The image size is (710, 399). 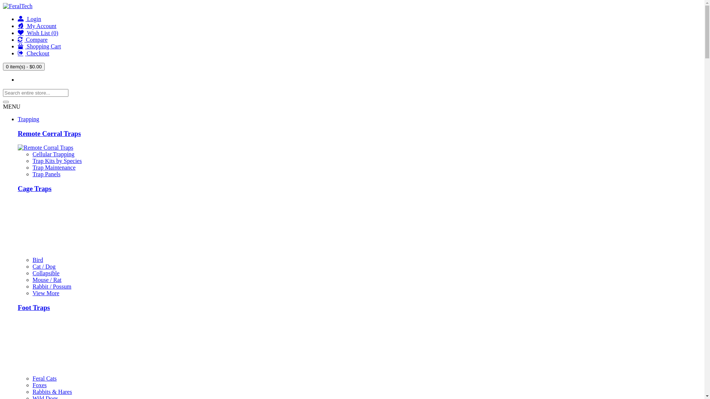 I want to click on '0 item(s) - $0.00', so click(x=24, y=66).